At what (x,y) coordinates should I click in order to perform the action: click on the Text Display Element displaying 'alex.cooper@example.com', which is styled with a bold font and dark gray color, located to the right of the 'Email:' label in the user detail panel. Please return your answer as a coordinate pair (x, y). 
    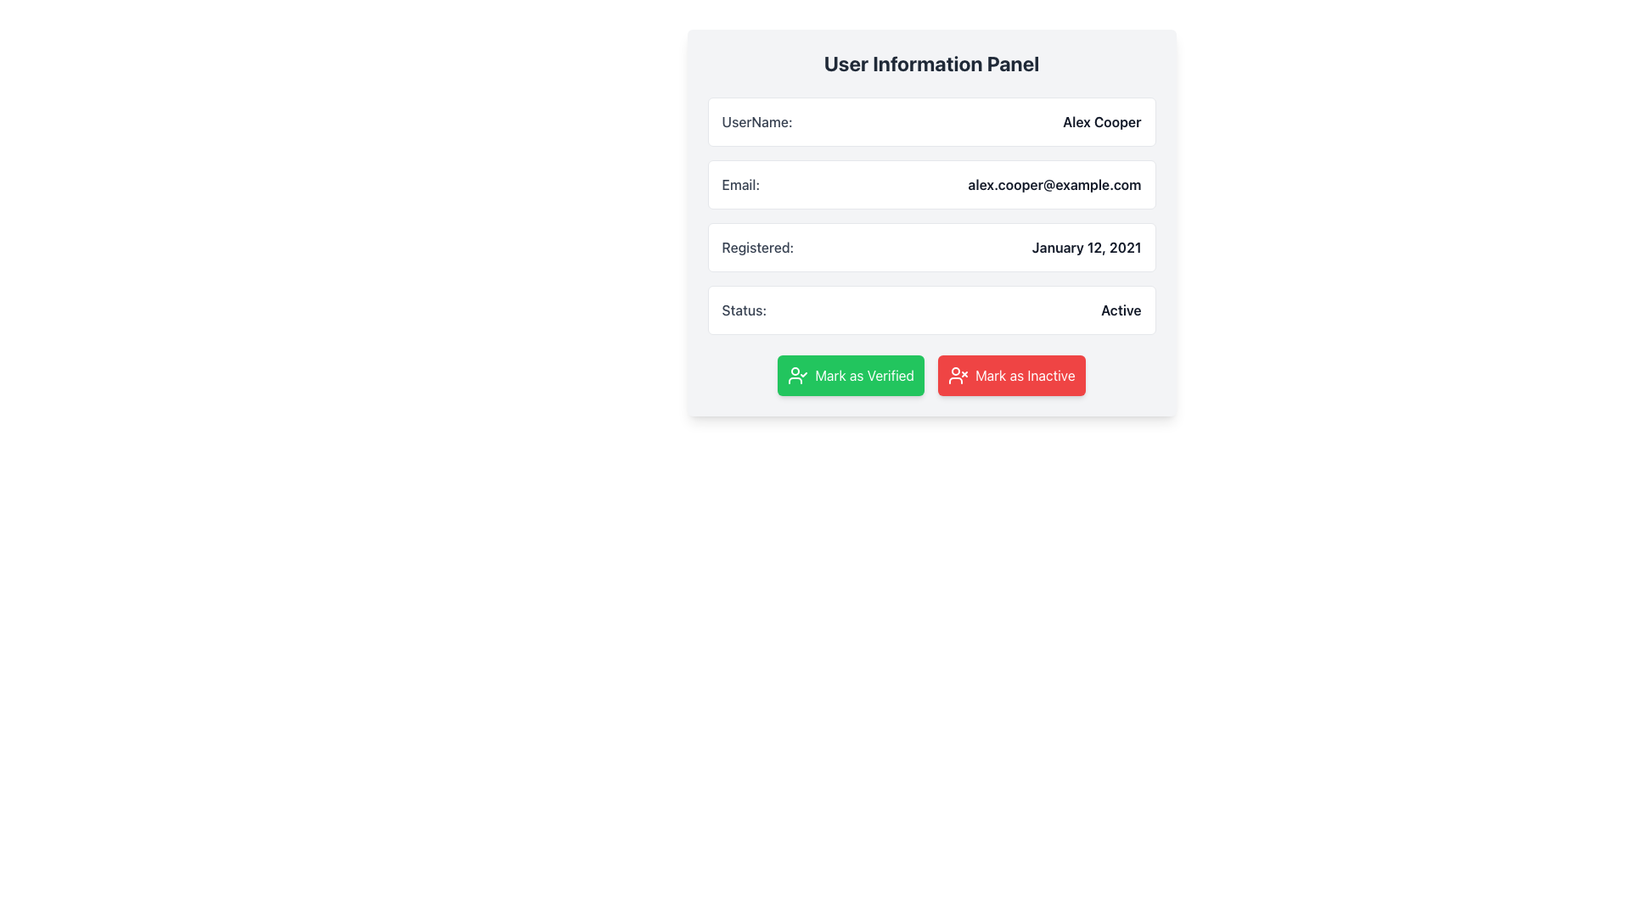
    Looking at the image, I should click on (1054, 185).